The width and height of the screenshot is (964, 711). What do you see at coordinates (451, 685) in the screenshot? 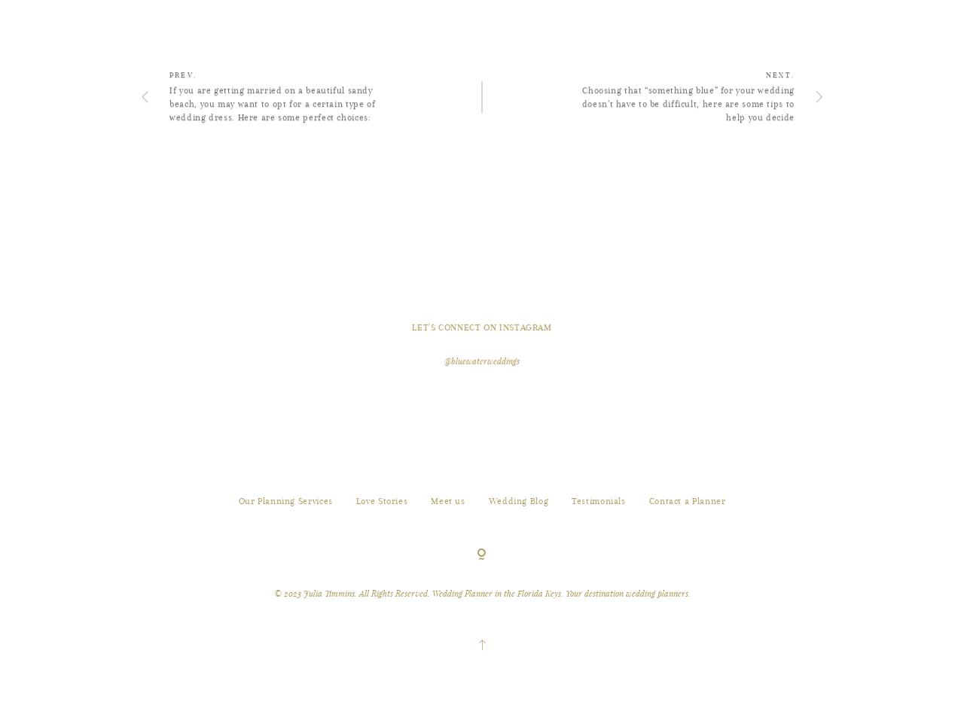
I see `'Powered by'` at bounding box center [451, 685].